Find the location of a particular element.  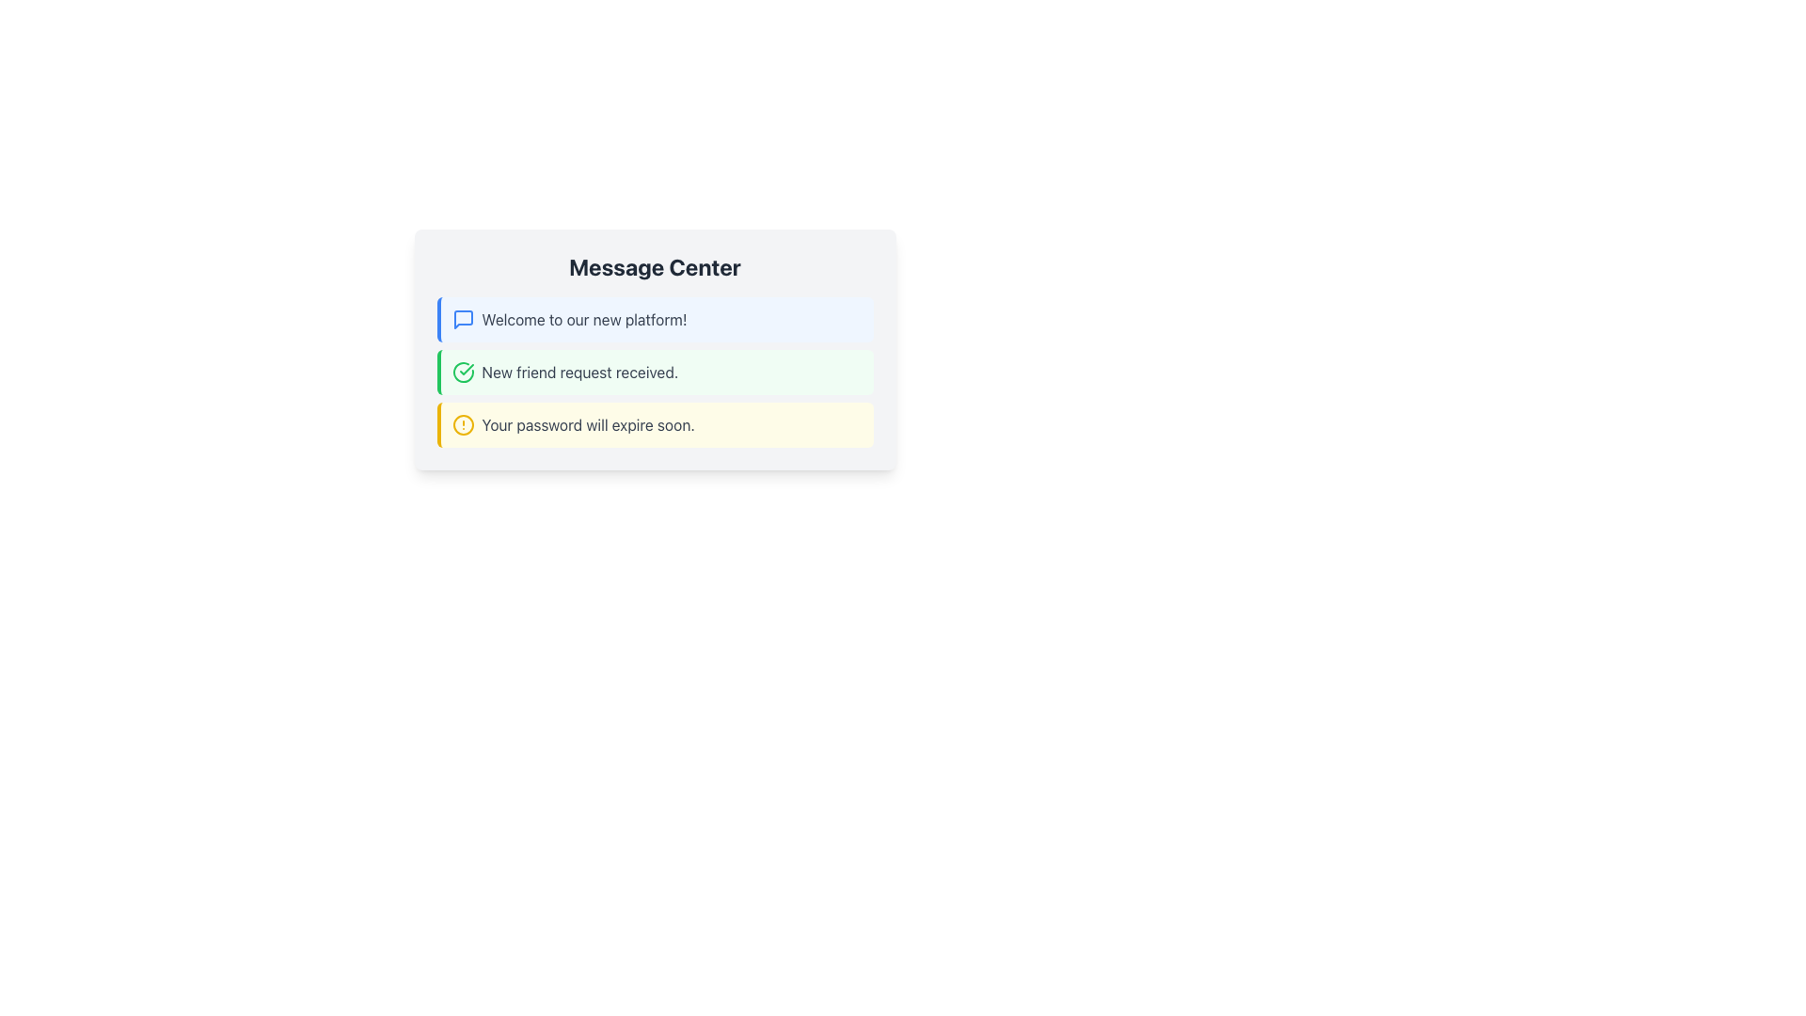

the green circular icon with a checkmark, which indicates confirmation, located to the left of the notification text 'New friend request received.' is located at coordinates (463, 373).